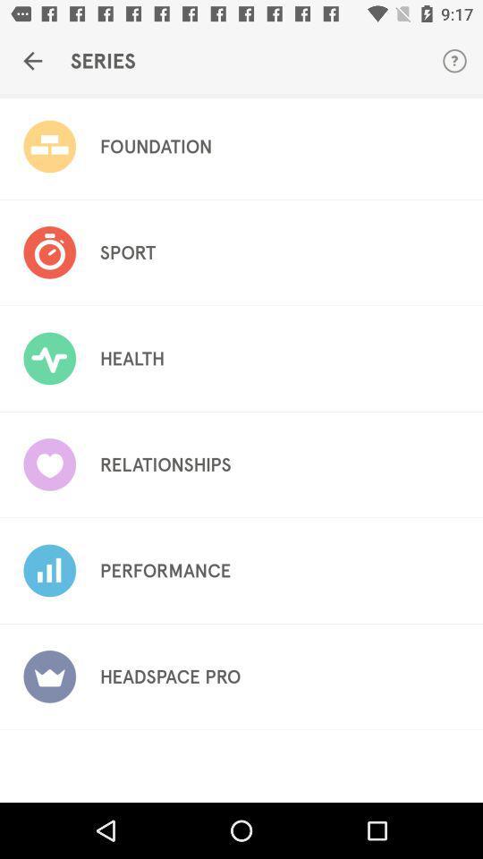 Image resolution: width=483 pixels, height=859 pixels. I want to click on item at the top right corner, so click(454, 61).